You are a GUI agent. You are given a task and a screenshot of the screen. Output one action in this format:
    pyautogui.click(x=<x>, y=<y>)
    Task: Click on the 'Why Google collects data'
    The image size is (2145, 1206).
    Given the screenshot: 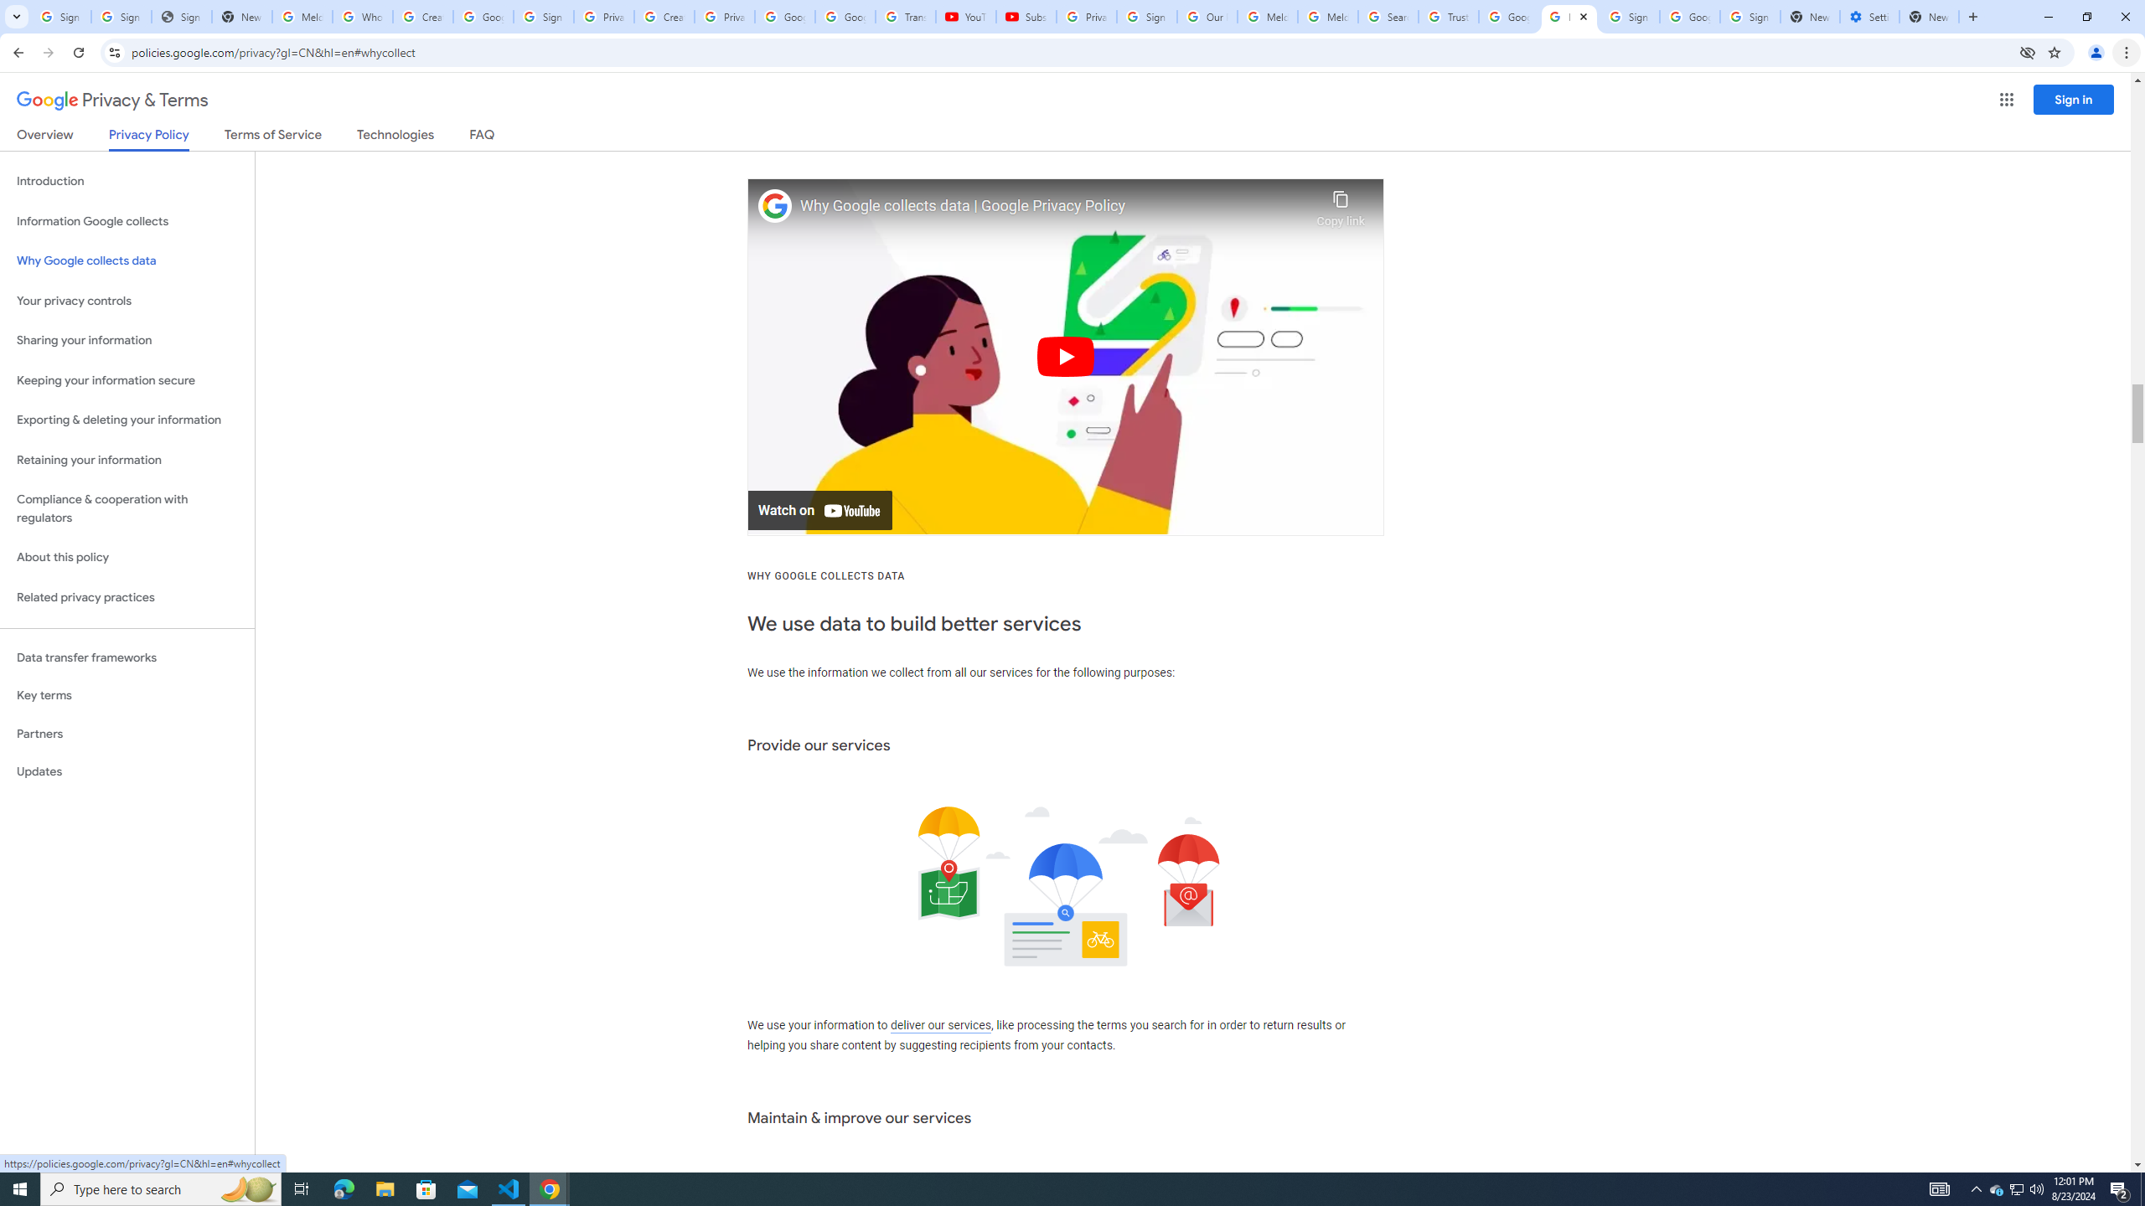 What is the action you would take?
    pyautogui.click(x=127, y=260)
    